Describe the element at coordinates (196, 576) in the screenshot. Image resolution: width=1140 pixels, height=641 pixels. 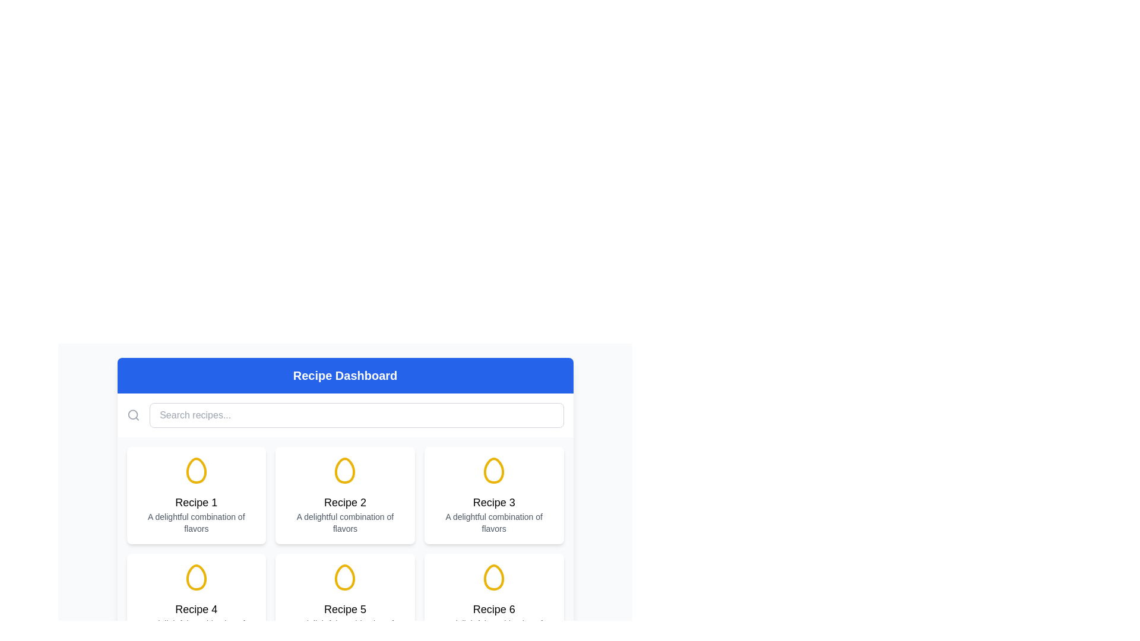
I see `the egg-shaped vector graphic icon representing the recipe located in the fourth recipe card of the grid layout, which is the first card in the second row` at that location.